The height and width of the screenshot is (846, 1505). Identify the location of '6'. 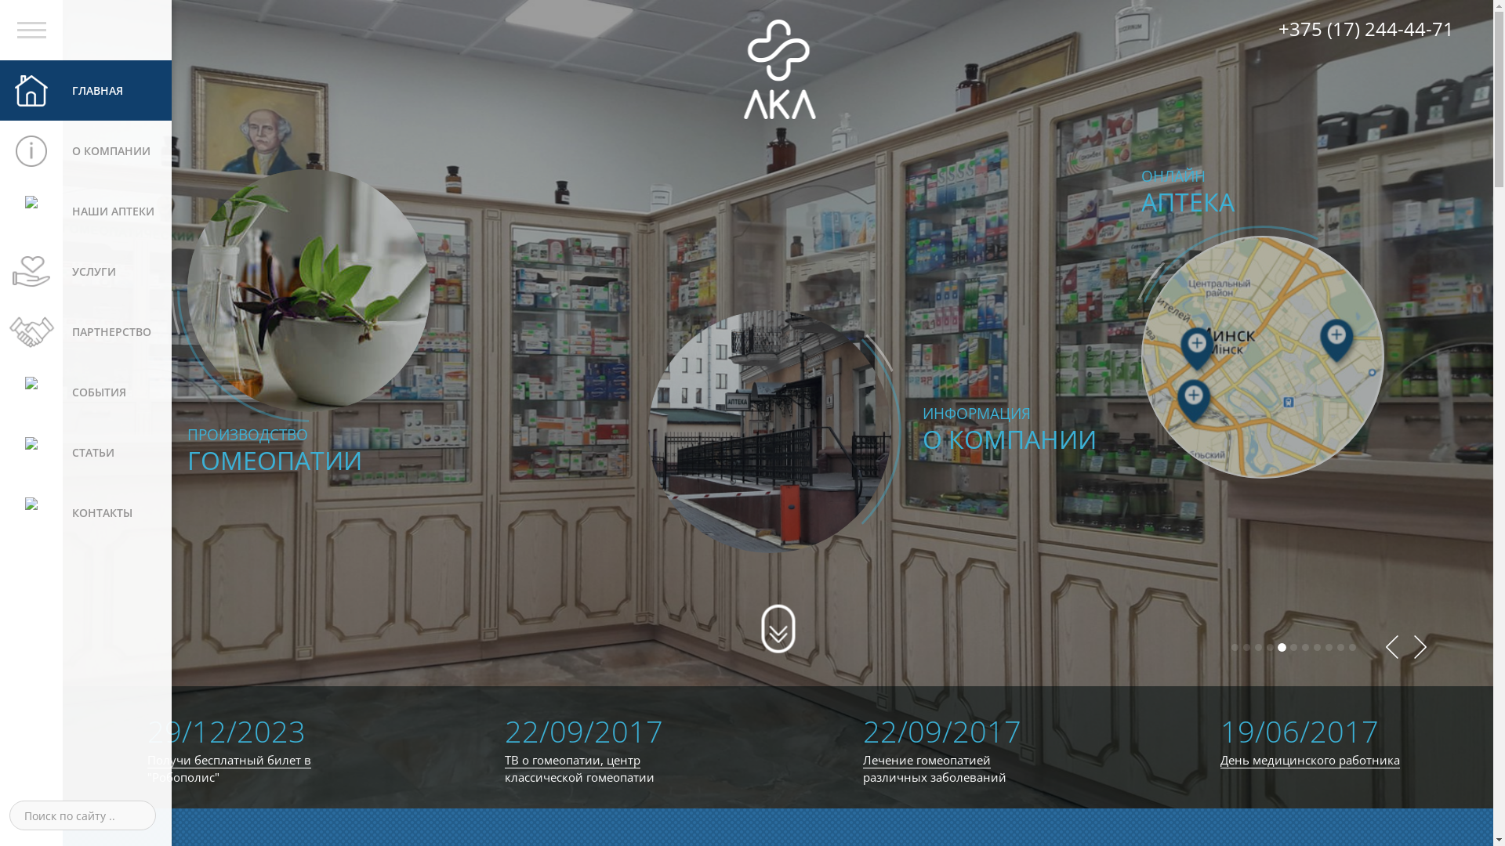
(1293, 647).